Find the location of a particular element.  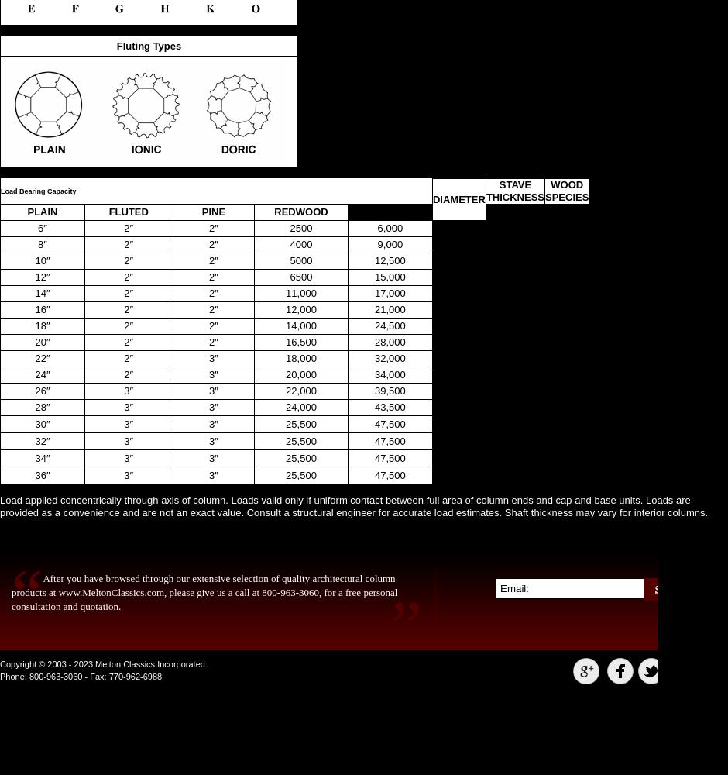

'16,500' is located at coordinates (300, 341).